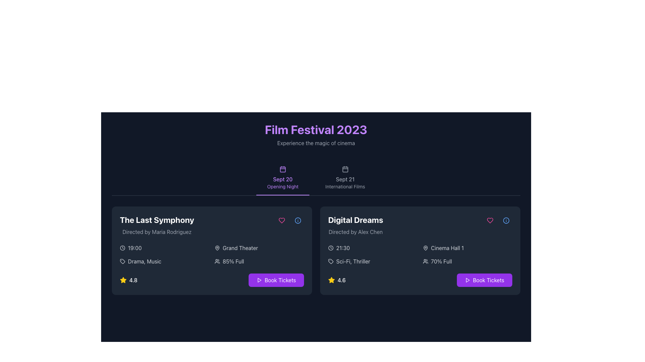 Image resolution: width=645 pixels, height=362 pixels. Describe the element at coordinates (315, 143) in the screenshot. I see `the static text reading 'Experience the magic of cinema' which is positioned below the bold title 'Film Festival 2023'` at that location.